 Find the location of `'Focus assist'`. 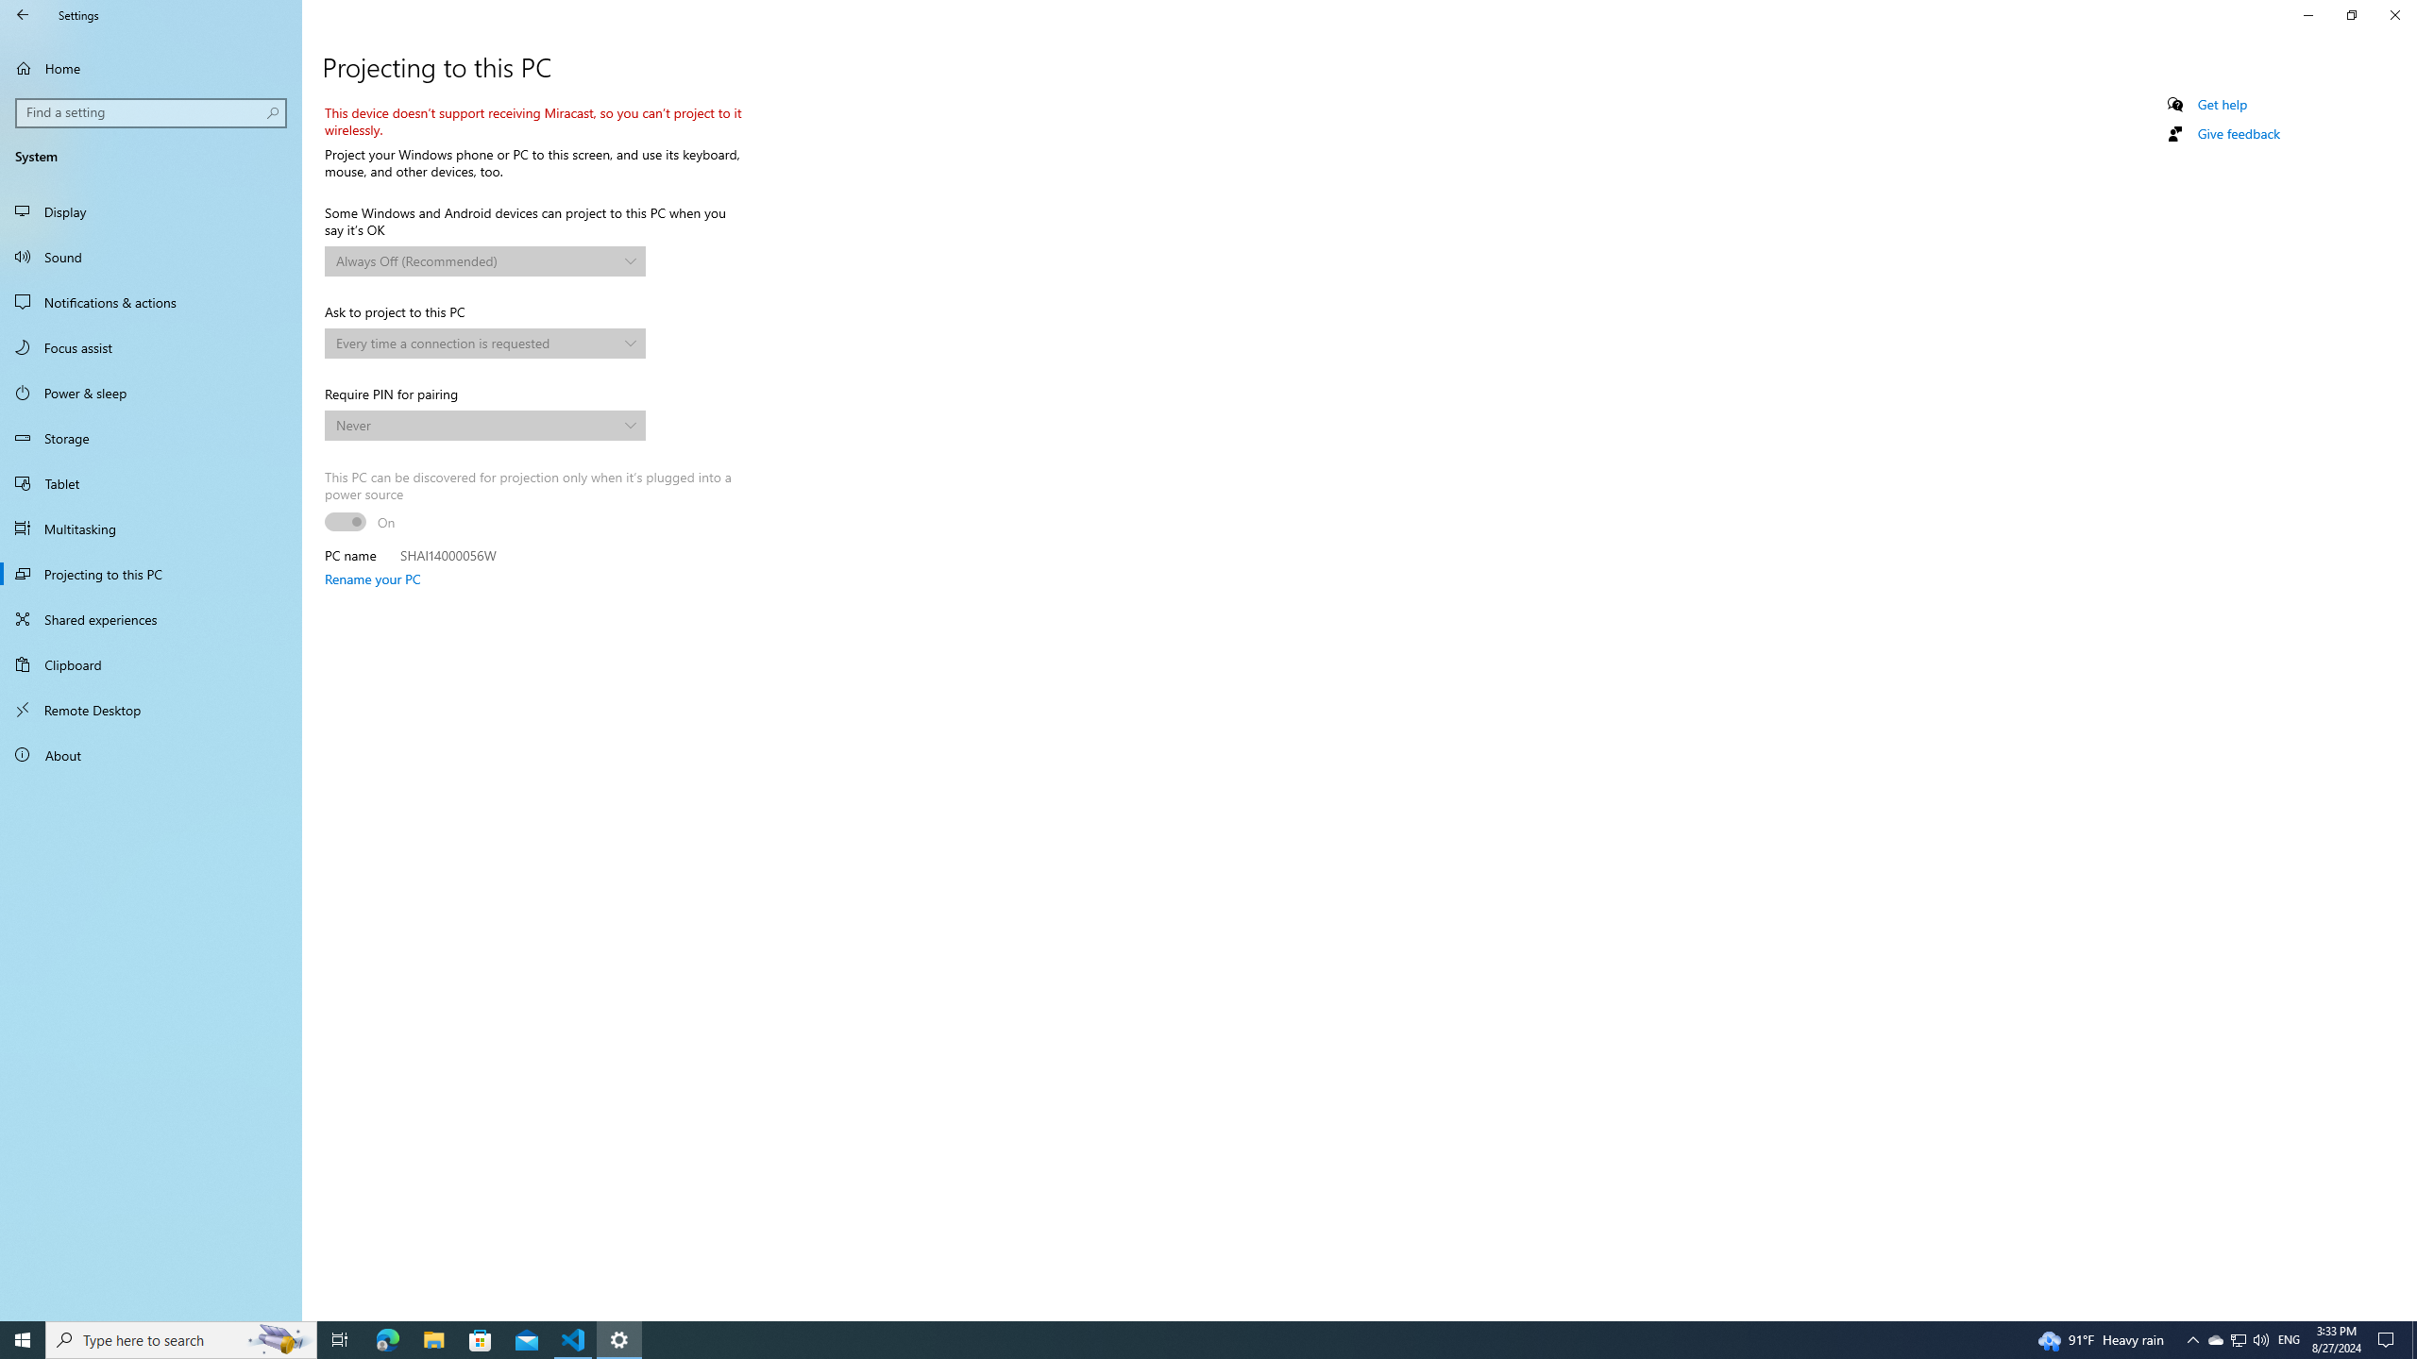

'Focus assist' is located at coordinates (150, 346).